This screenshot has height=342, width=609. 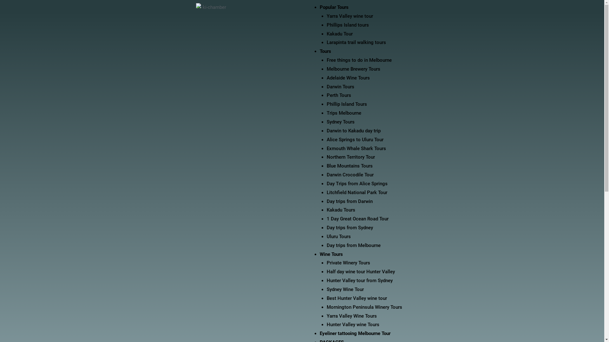 What do you see at coordinates (327, 325) in the screenshot?
I see `'Hunter Valley wine Tours'` at bounding box center [327, 325].